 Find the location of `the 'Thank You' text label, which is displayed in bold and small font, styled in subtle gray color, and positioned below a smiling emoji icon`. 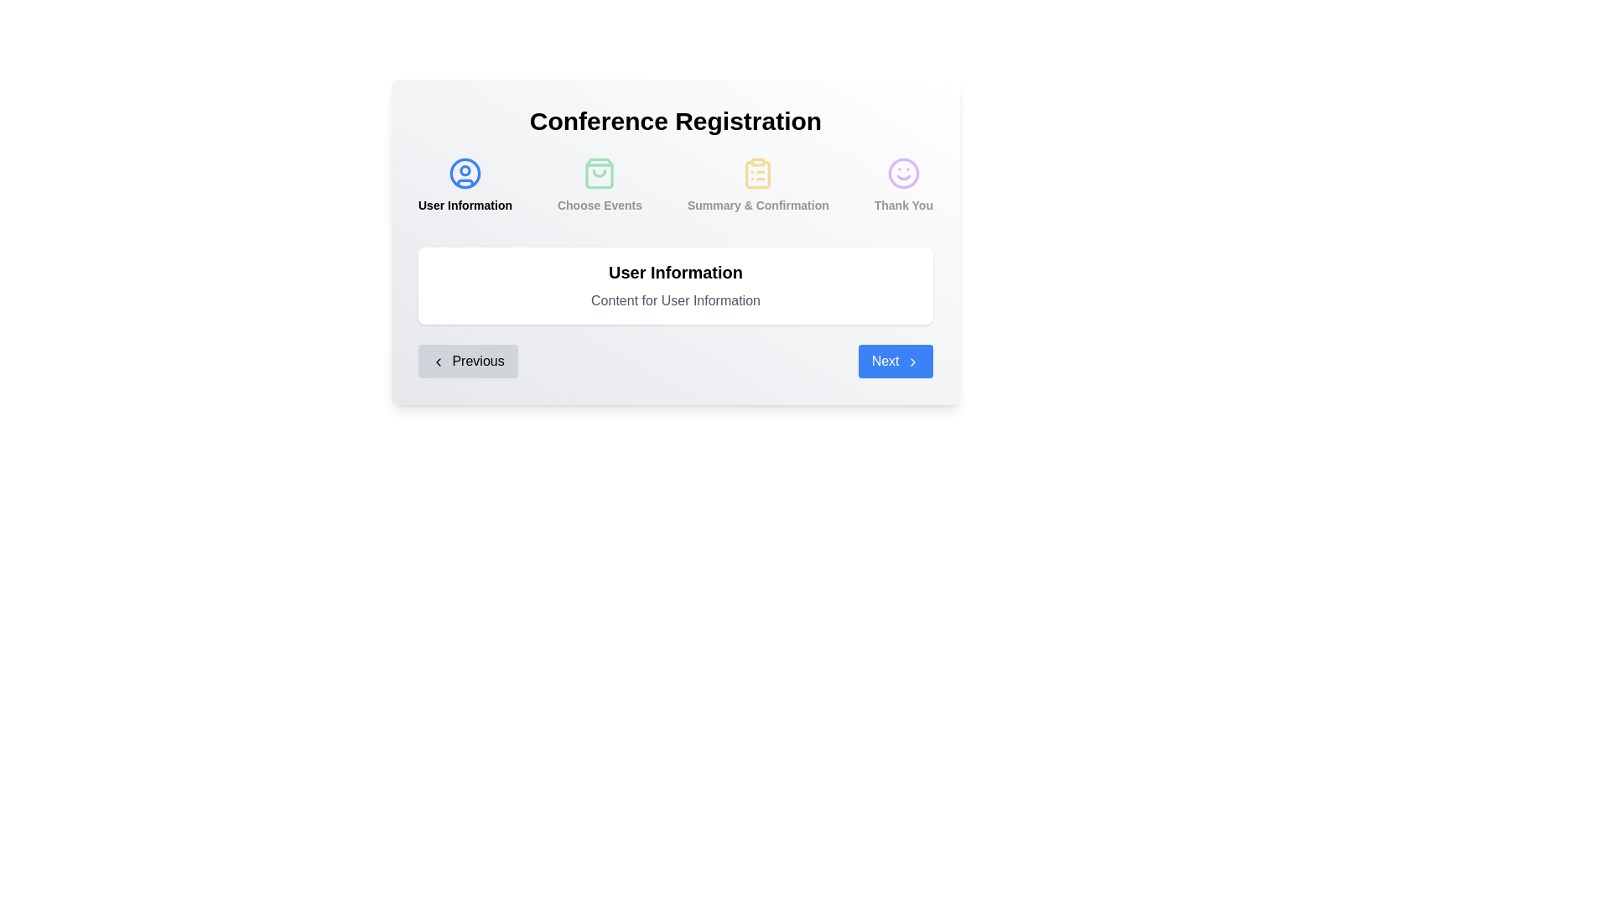

the 'Thank You' text label, which is displayed in bold and small font, styled in subtle gray color, and positioned below a smiling emoji icon is located at coordinates (902, 205).